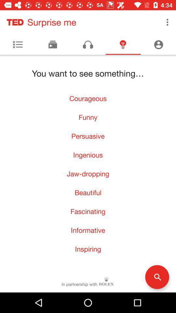 The width and height of the screenshot is (176, 313). What do you see at coordinates (88, 117) in the screenshot?
I see `the funny item` at bounding box center [88, 117].